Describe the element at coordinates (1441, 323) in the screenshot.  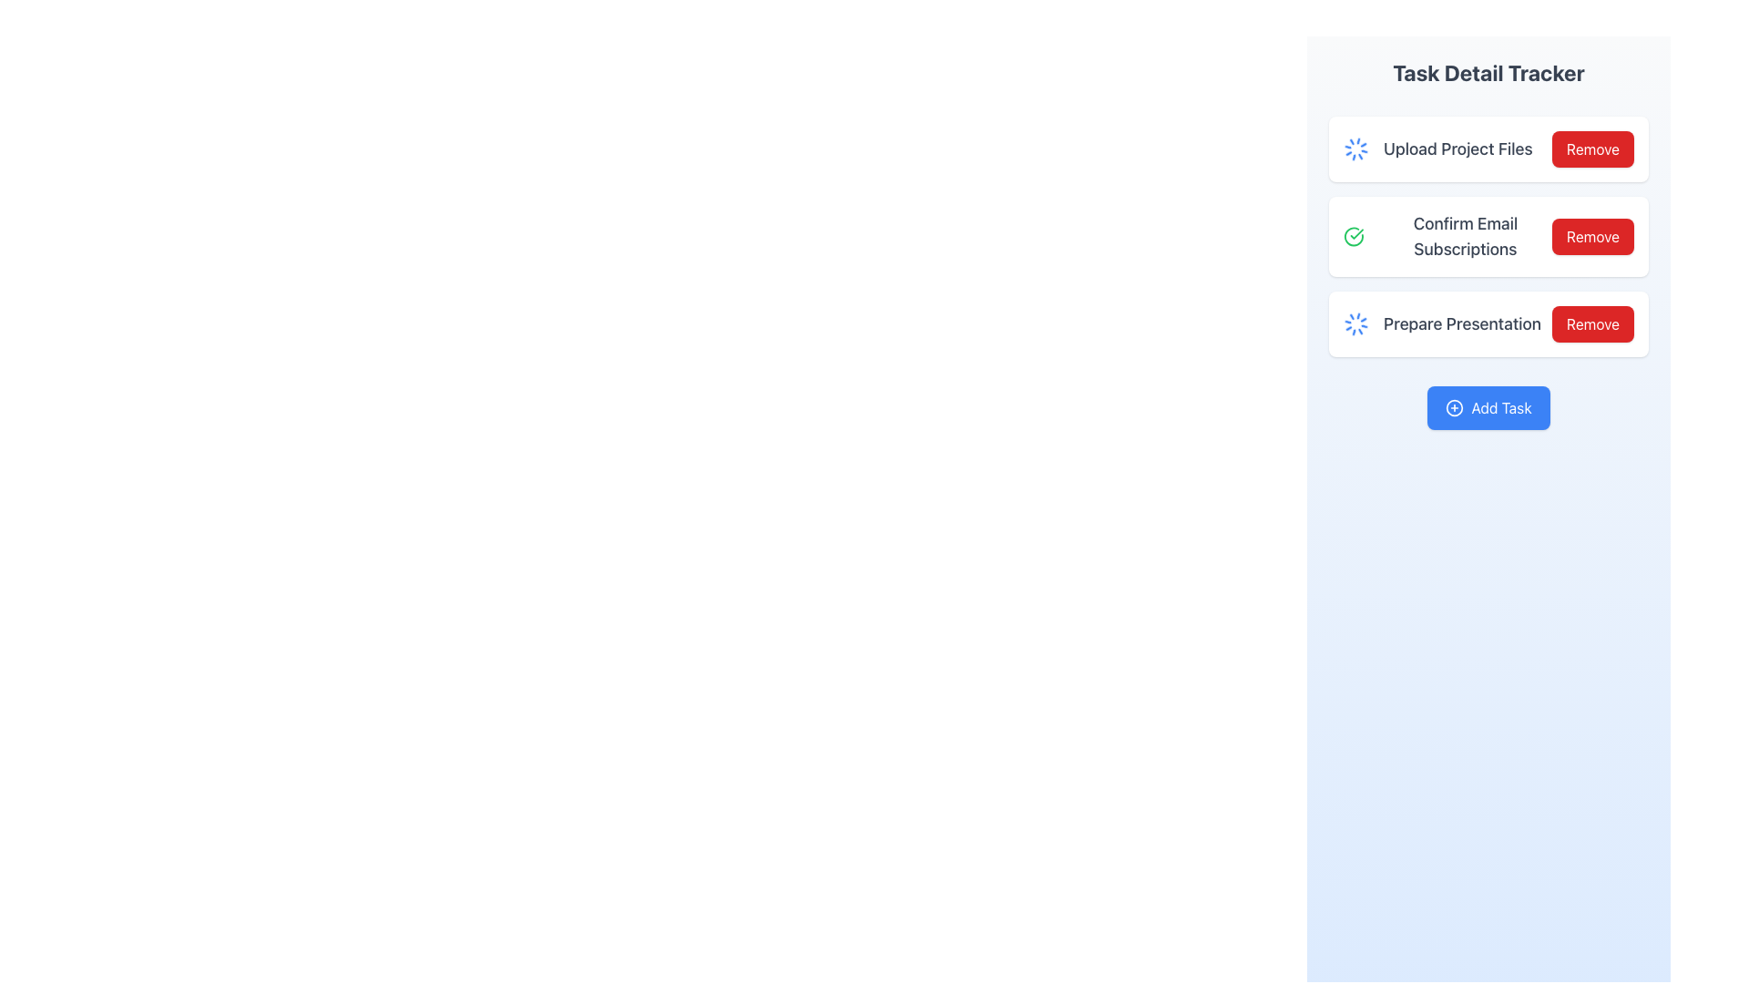
I see `the Static Label with Icon that contains the text 'Prepare Presentation', styled with a medium-sized gray font, and has a spinning blue icon indicating a process in progress` at that location.